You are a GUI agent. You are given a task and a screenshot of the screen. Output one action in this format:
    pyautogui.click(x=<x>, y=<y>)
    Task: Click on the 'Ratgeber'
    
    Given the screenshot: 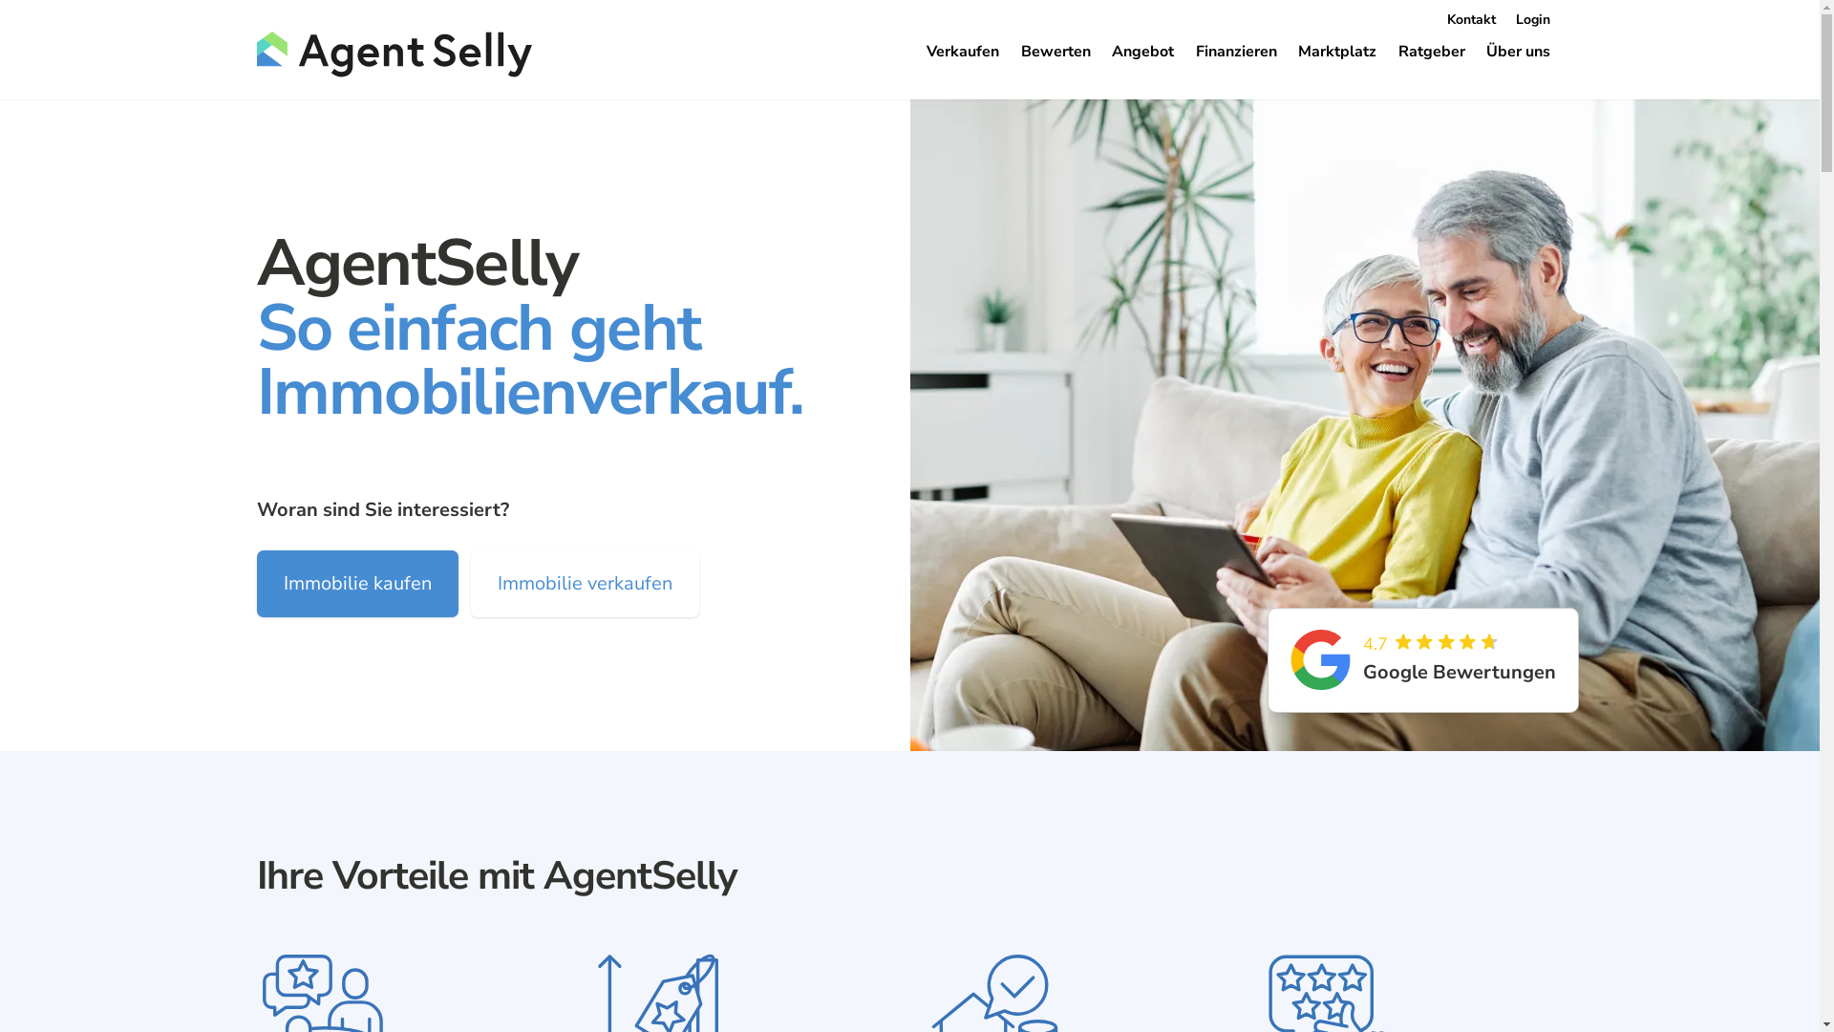 What is the action you would take?
    pyautogui.click(x=1431, y=51)
    